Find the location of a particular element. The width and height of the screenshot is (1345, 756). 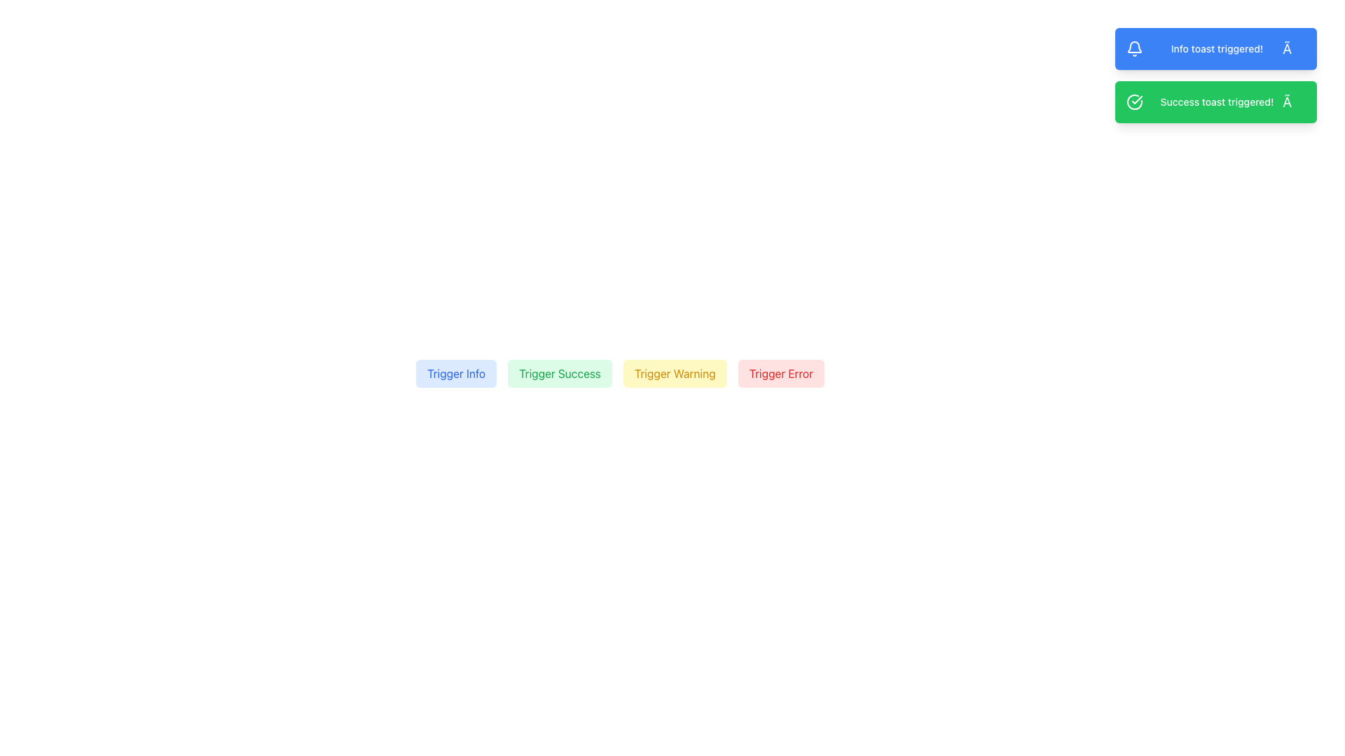

the success notification text label that displays 'Success toast triggered!' with a green background and white text is located at coordinates (1216, 101).